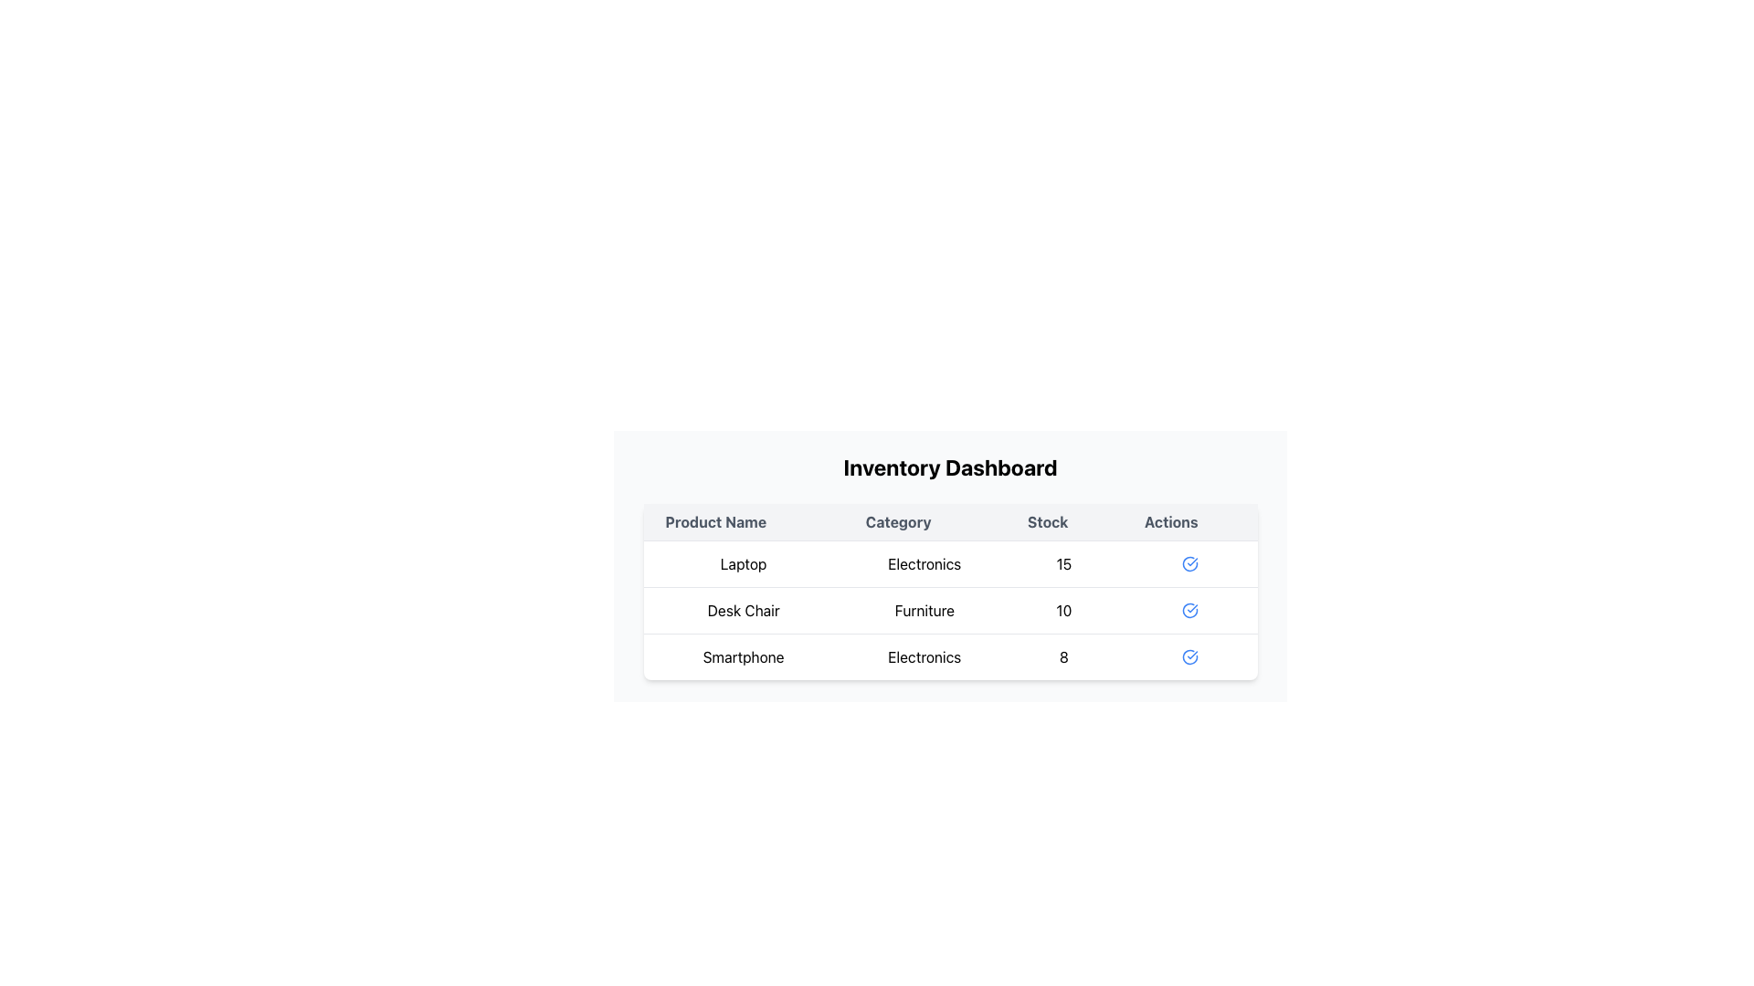  I want to click on the 'Product Name' text label located at the top-left corner of the table, so click(744, 522).